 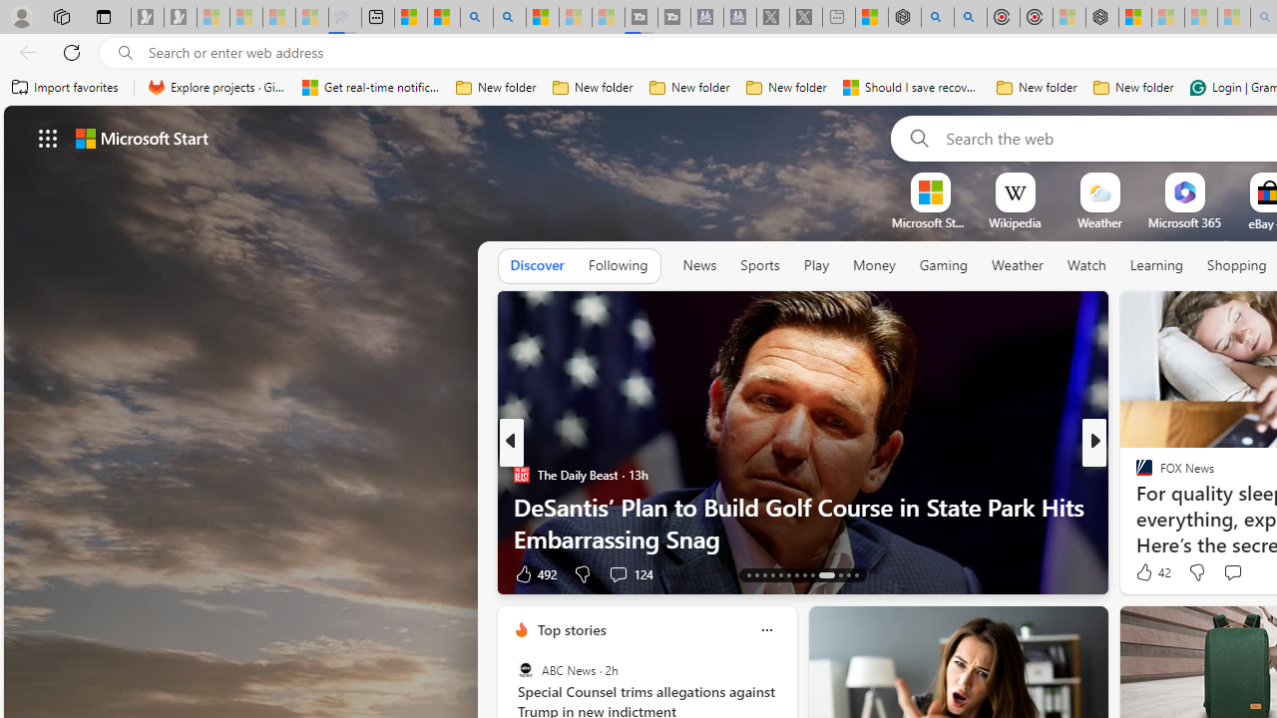 I want to click on 'AutomationID: tab-18', so click(x=787, y=575).